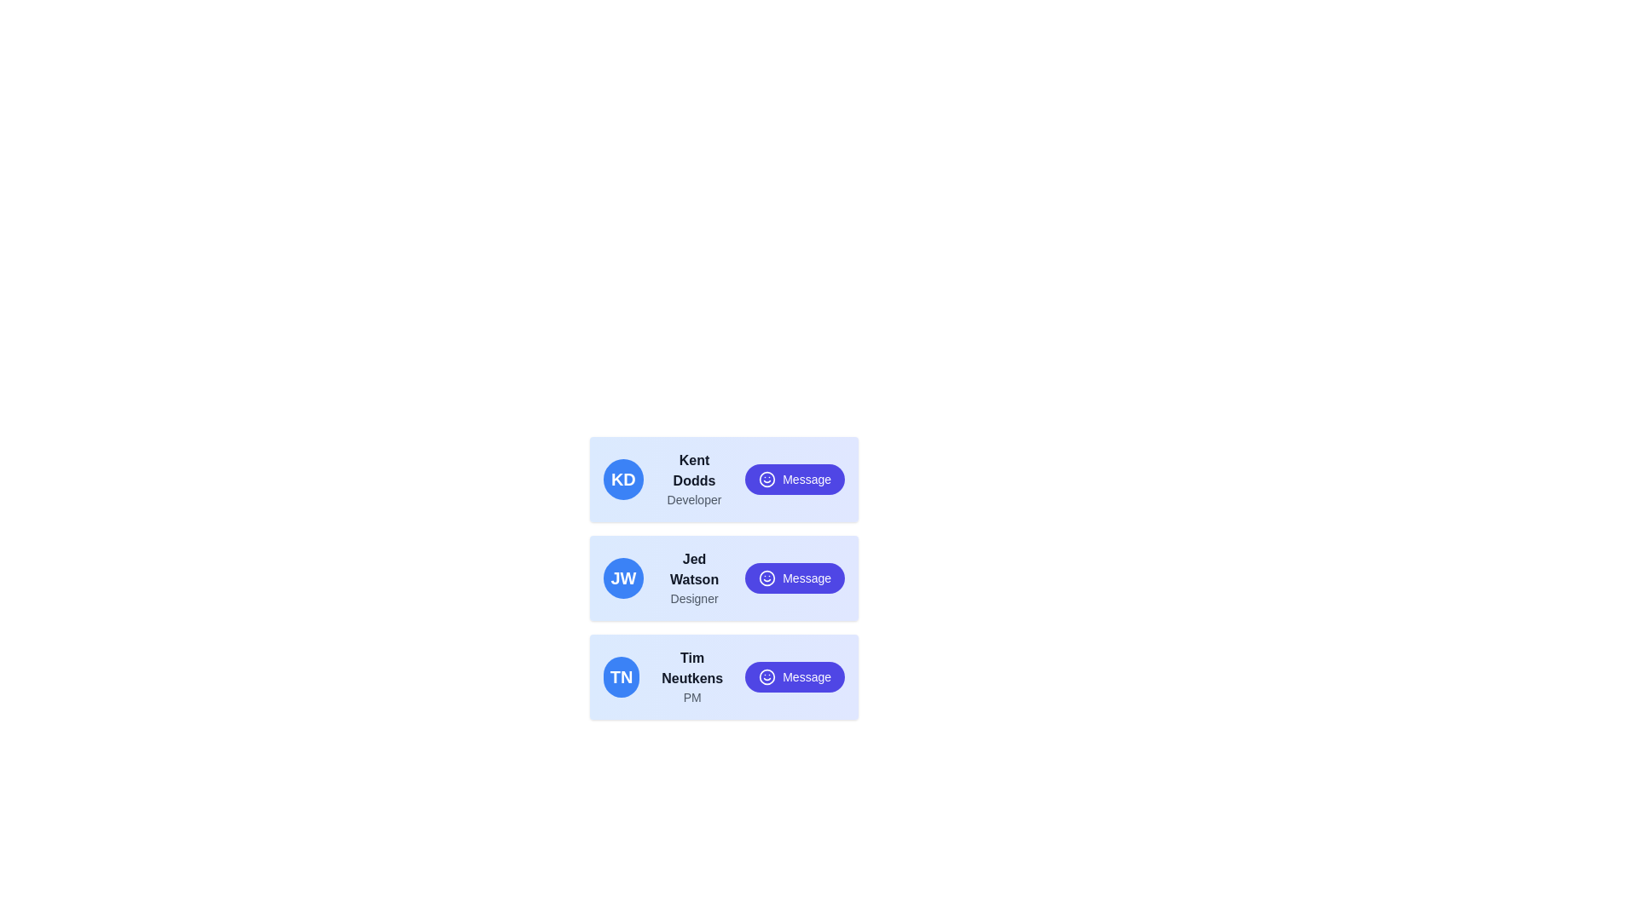 This screenshot has height=920, width=1637. I want to click on the small, circular smiling face icon located to the left of the 'Message' button text, indicating positive sentiment, if it is enabled, so click(766, 480).